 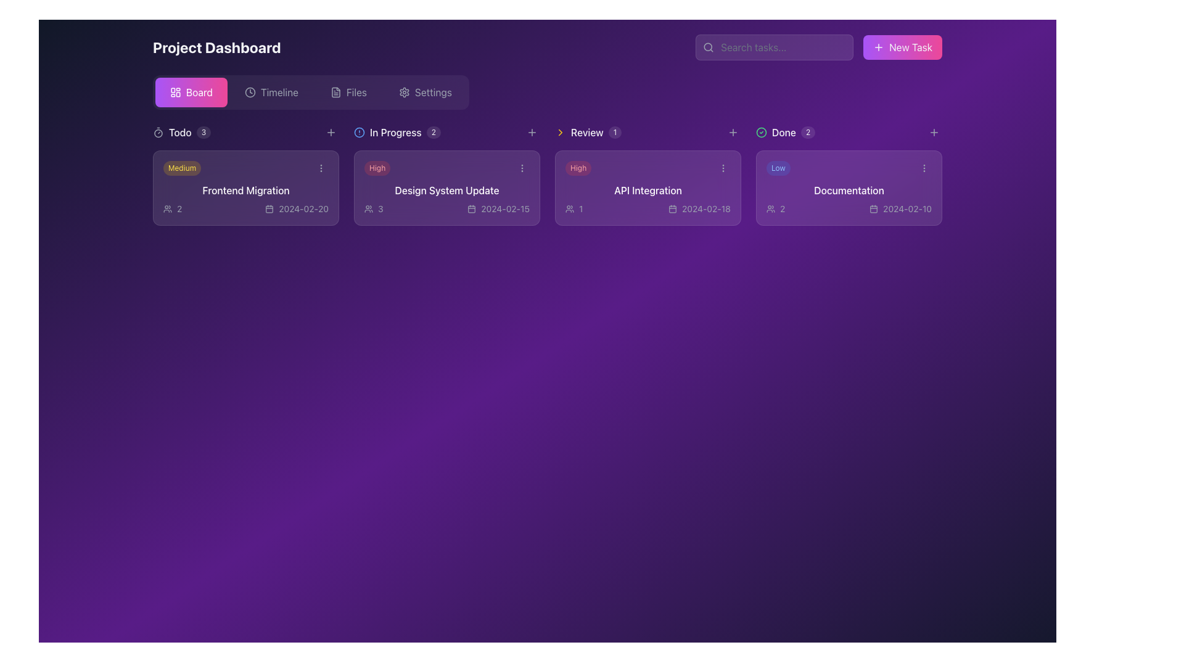 What do you see at coordinates (532, 133) in the screenshot?
I see `the button located to the right of the 'In Progress' section header, which allows users` at bounding box center [532, 133].